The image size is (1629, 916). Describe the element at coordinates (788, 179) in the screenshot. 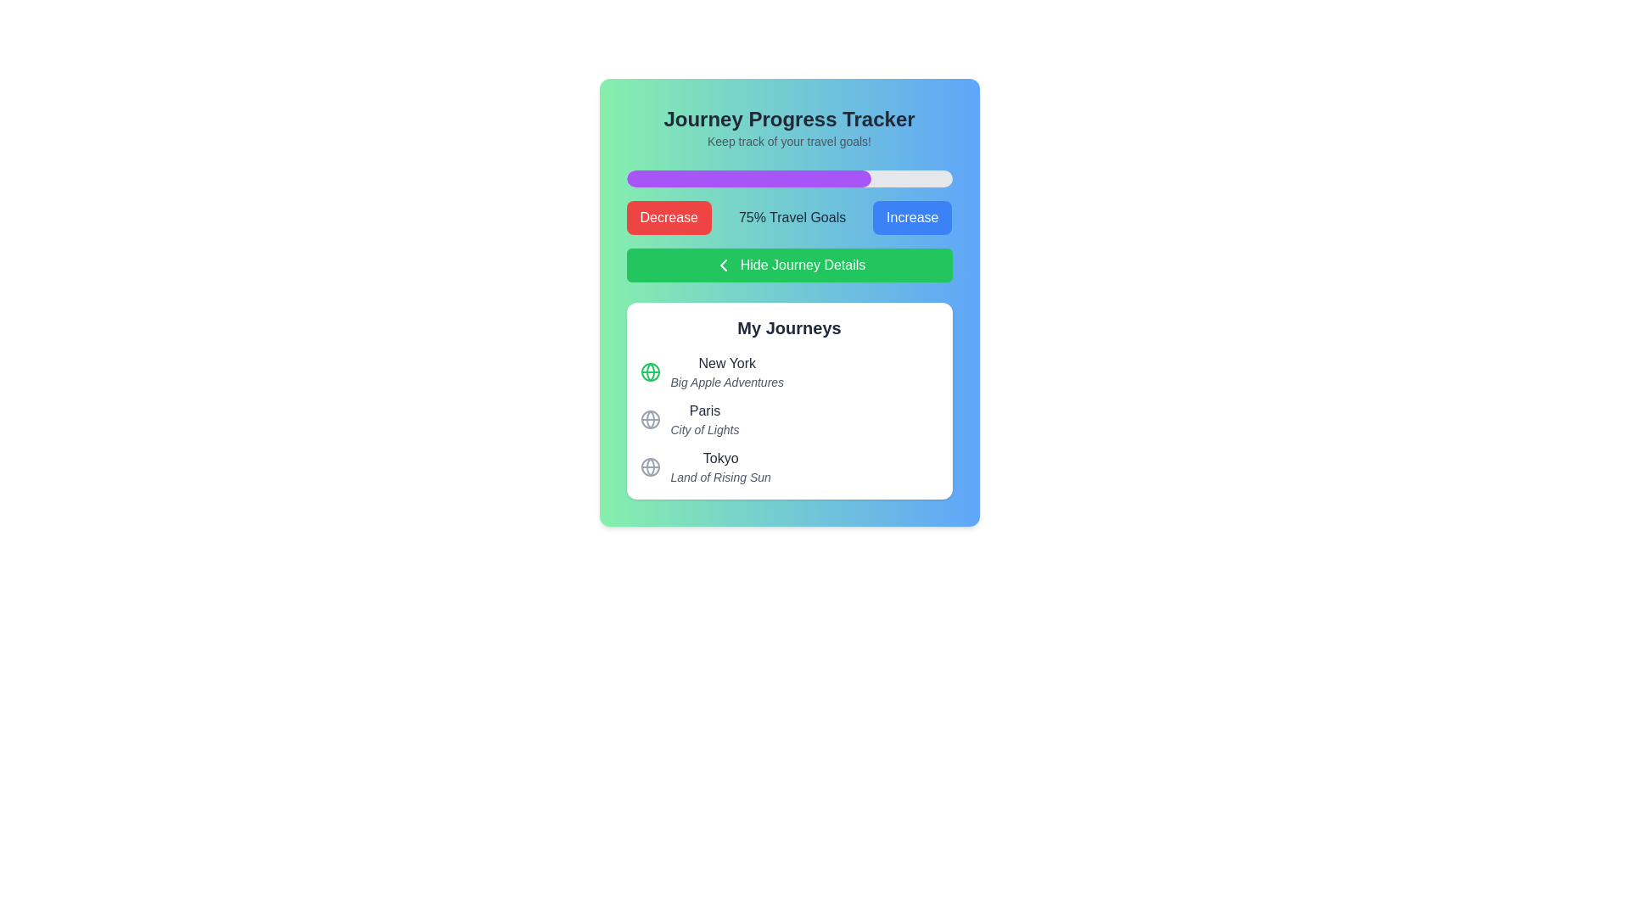

I see `the progress bar located below the header 'Keep track of your travel goals!' to visualize the progress represented` at that location.